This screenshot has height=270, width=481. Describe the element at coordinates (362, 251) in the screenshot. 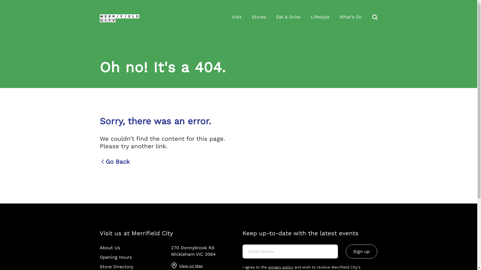

I see `'Sign up'` at that location.